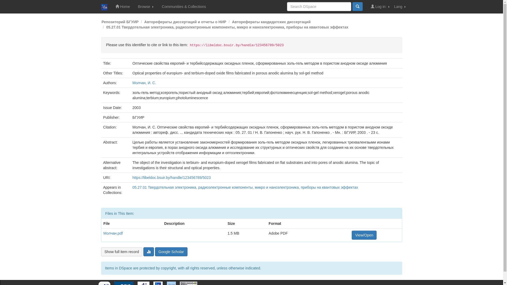  I want to click on 'Show full item record', so click(121, 251).